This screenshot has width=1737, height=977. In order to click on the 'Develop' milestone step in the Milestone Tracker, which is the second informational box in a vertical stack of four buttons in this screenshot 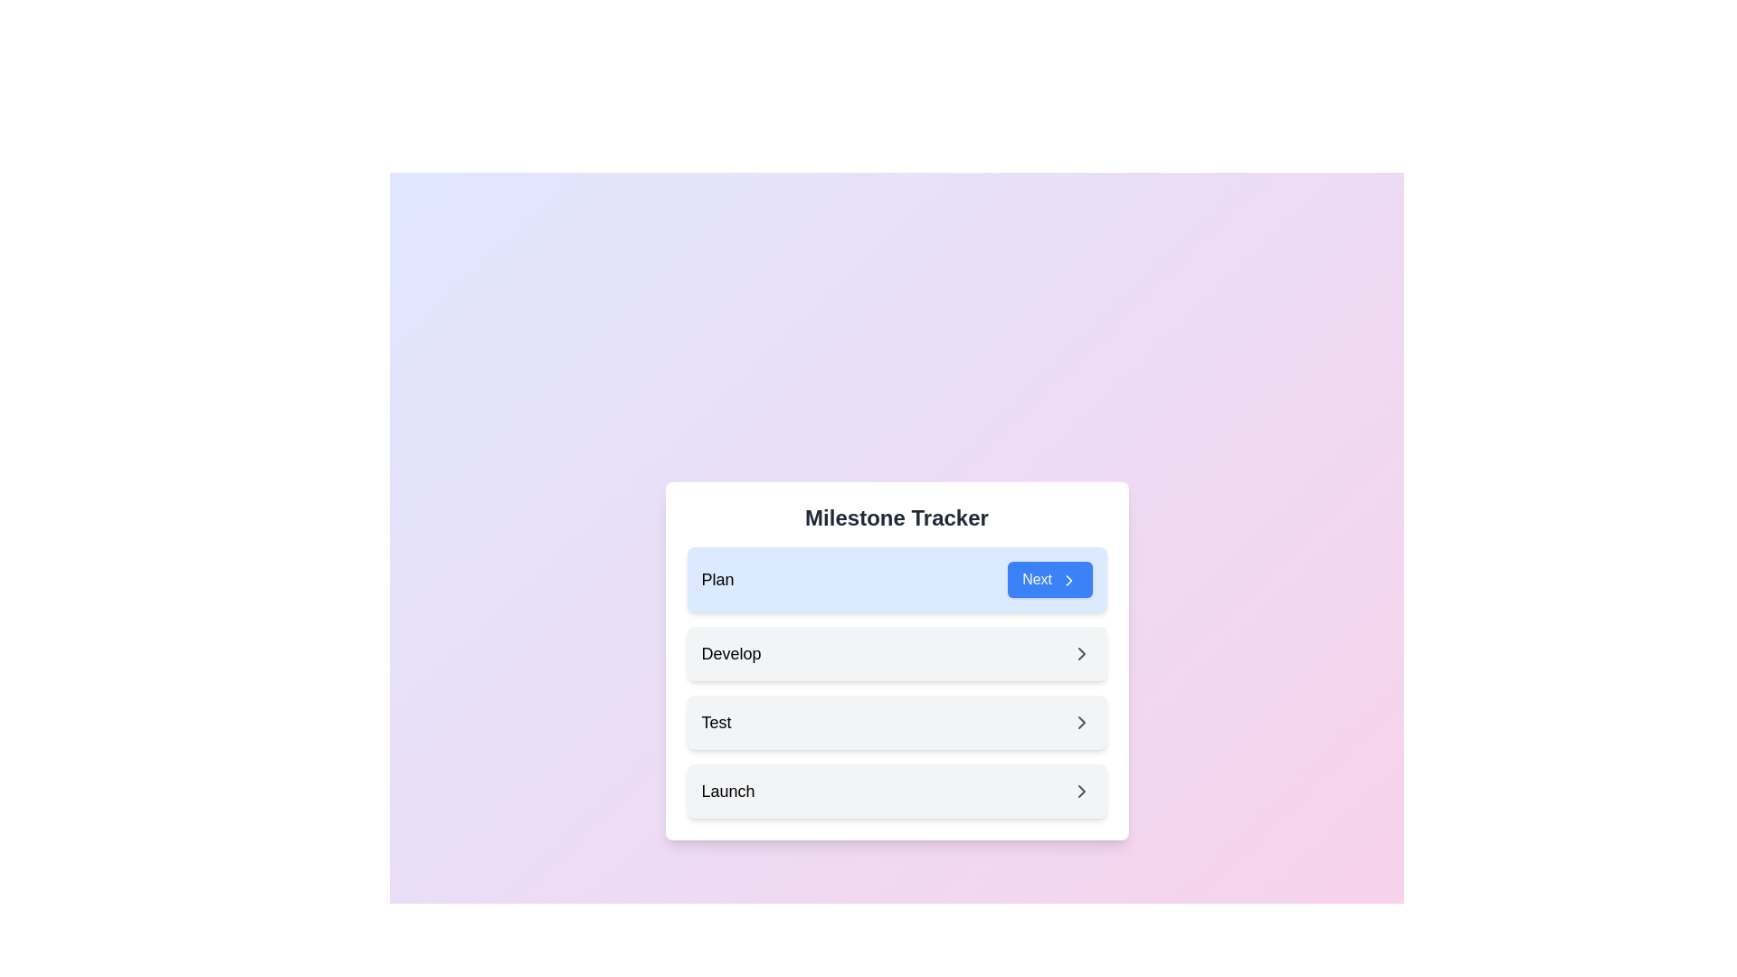, I will do `click(897, 653)`.